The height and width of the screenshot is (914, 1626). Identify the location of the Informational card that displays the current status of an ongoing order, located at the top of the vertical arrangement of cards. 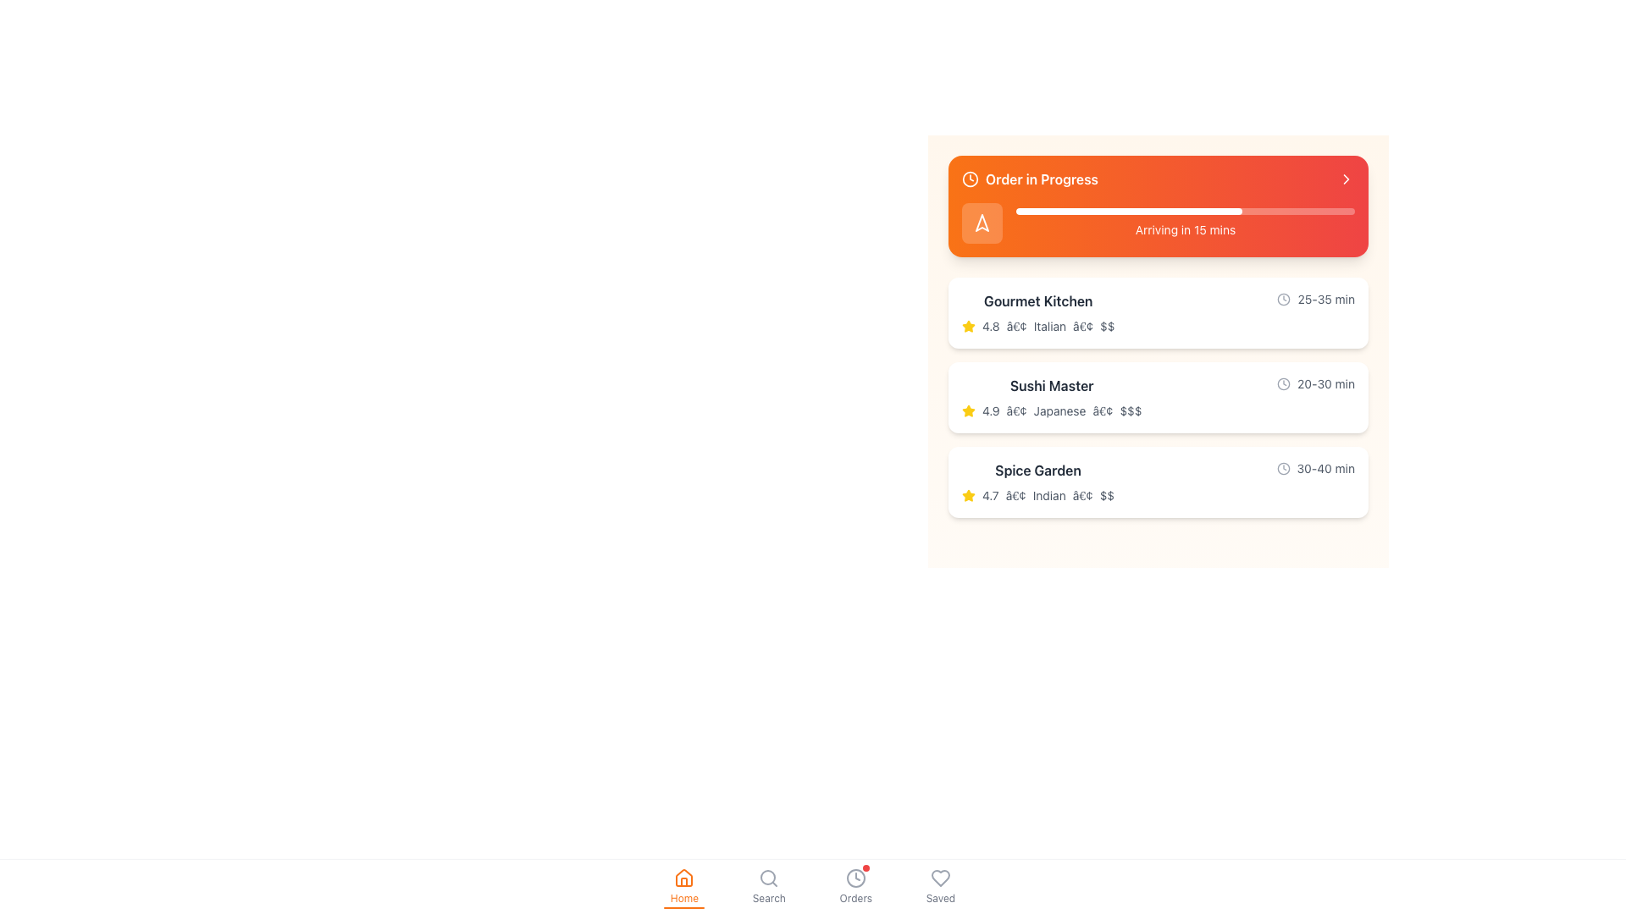
(1158, 205).